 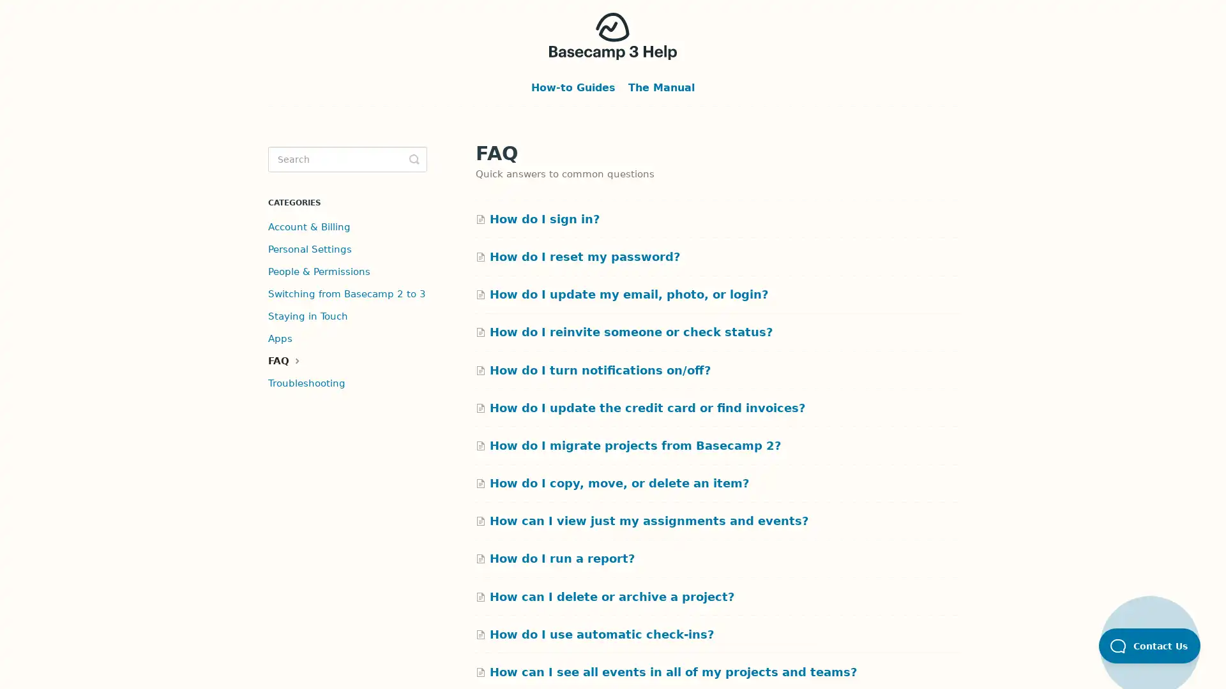 What do you see at coordinates (414, 159) in the screenshot?
I see `Toggle Search` at bounding box center [414, 159].